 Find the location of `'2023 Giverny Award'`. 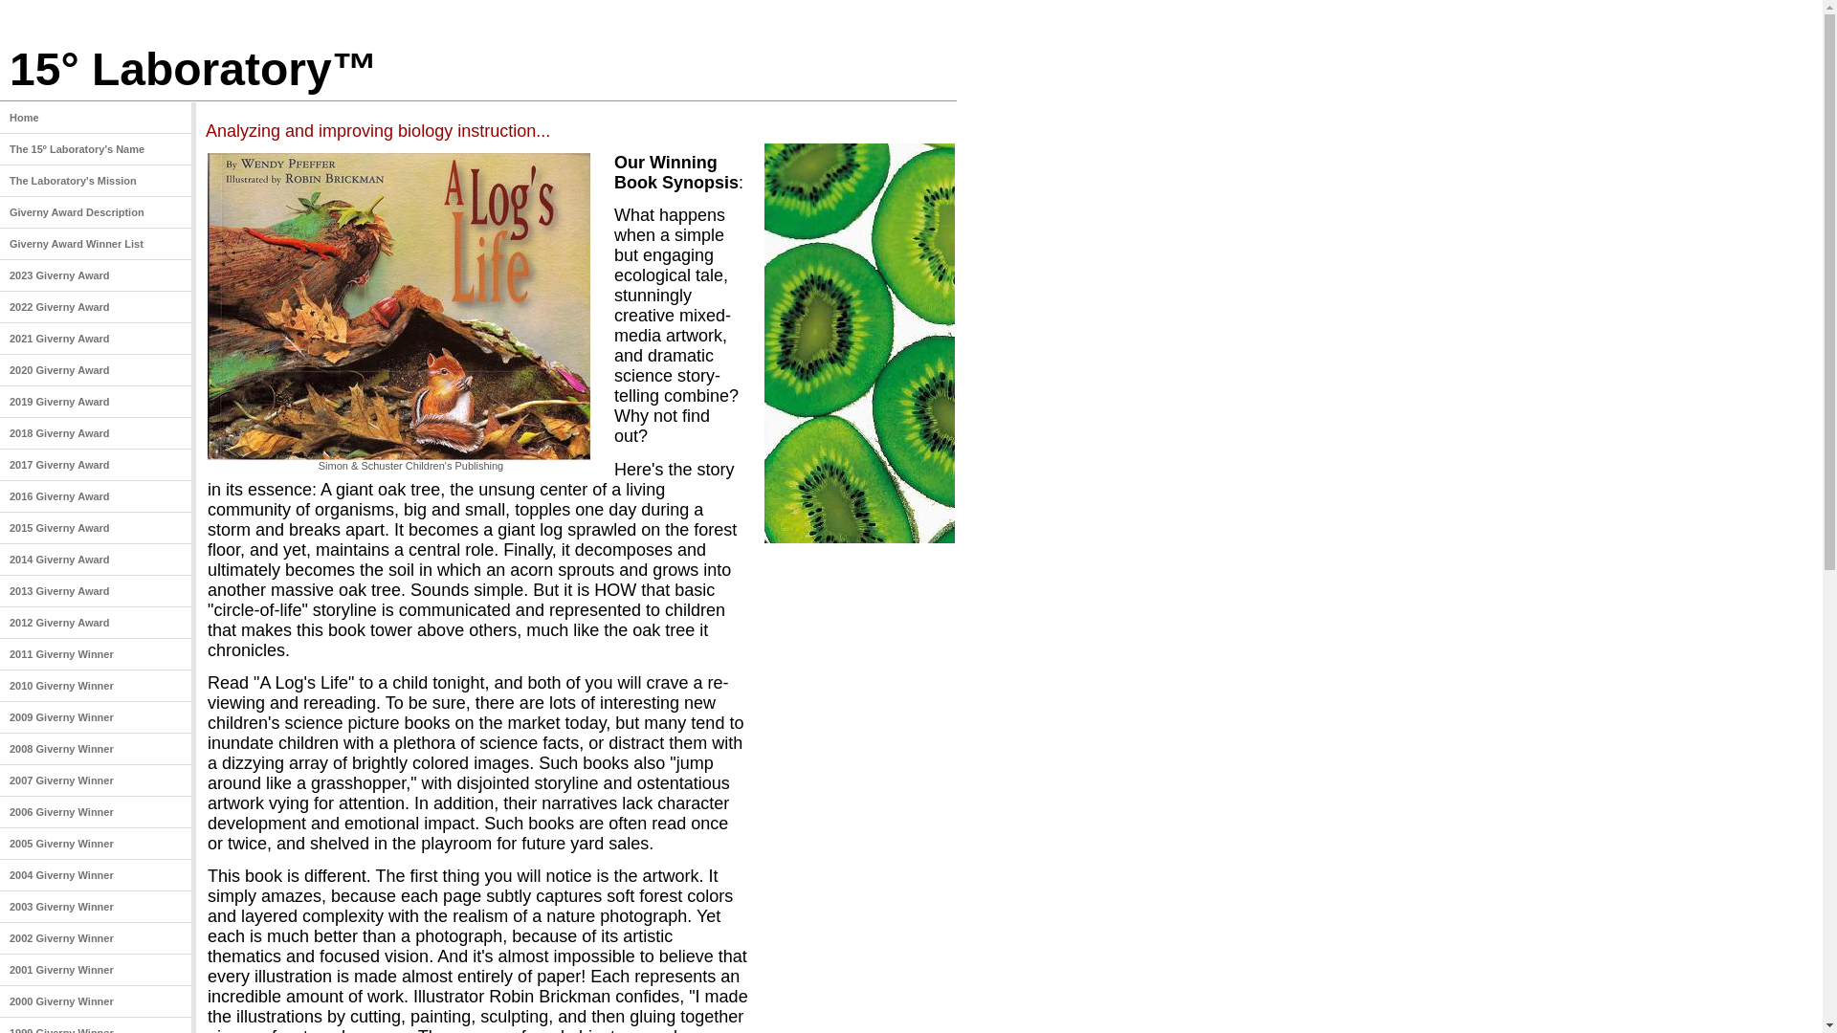

'2023 Giverny Award' is located at coordinates (95, 275).